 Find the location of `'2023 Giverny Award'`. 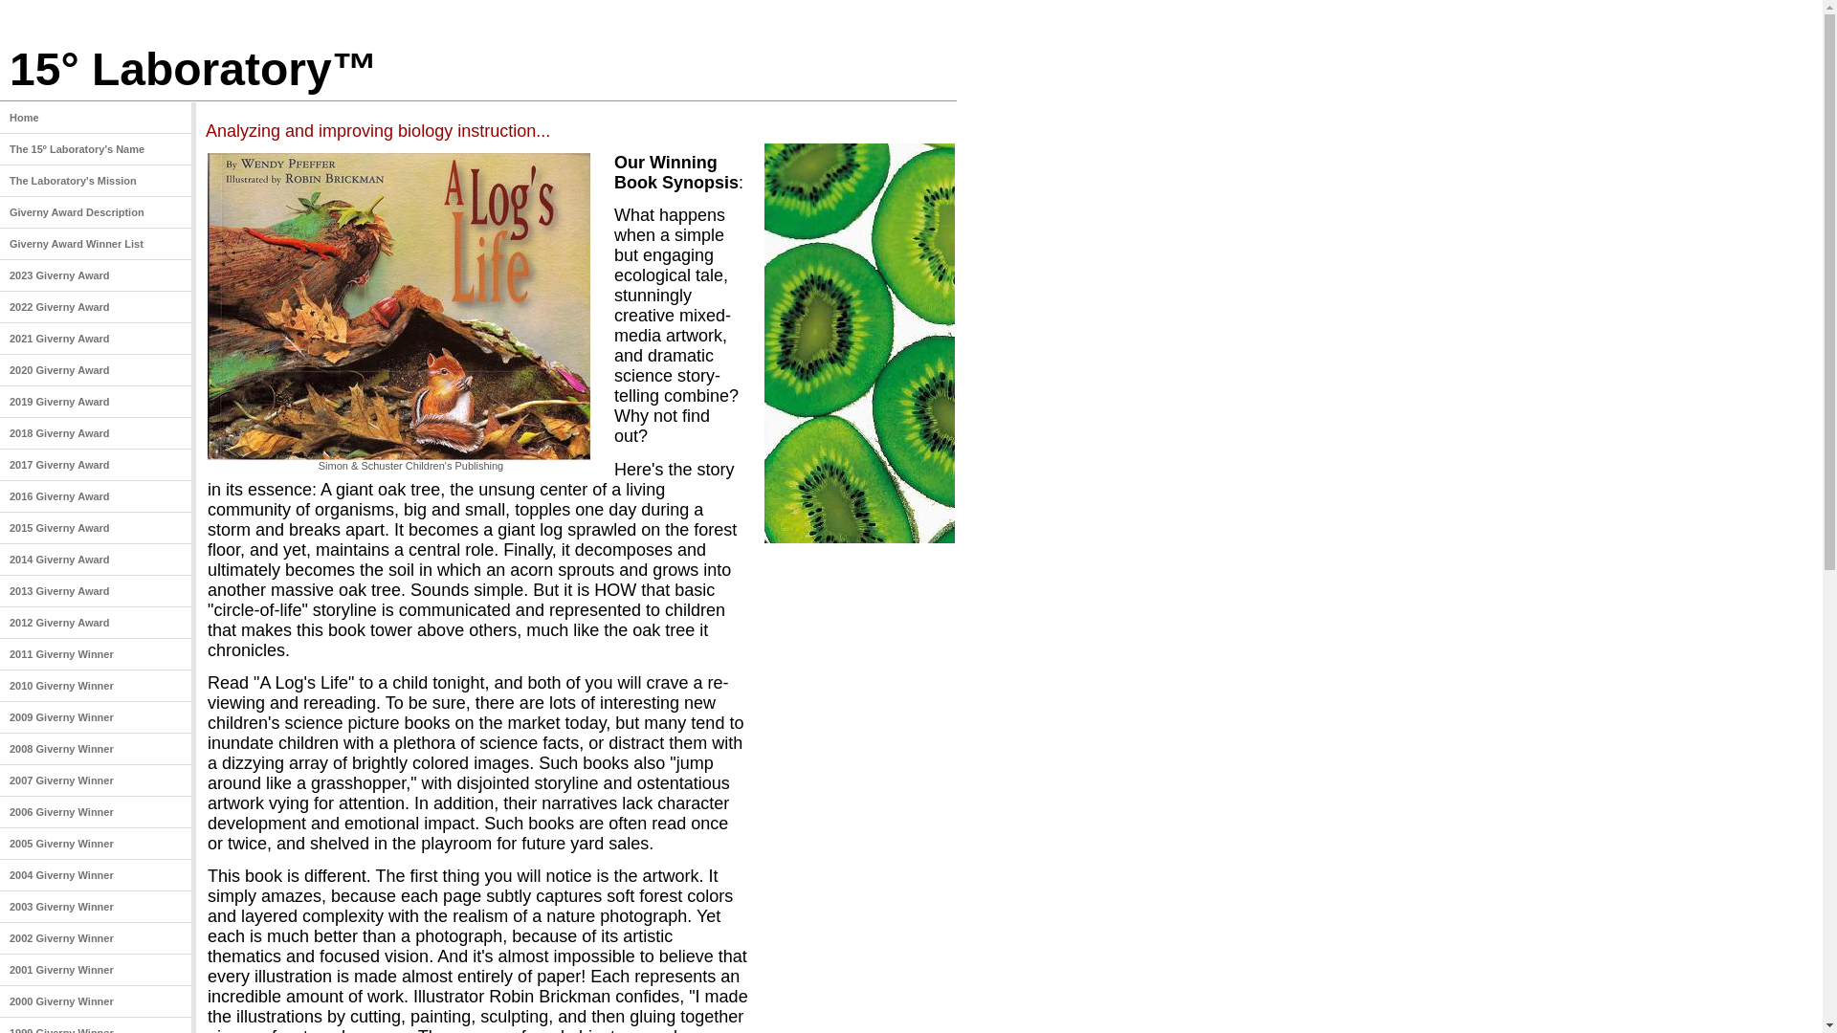

'2023 Giverny Award' is located at coordinates (95, 275).